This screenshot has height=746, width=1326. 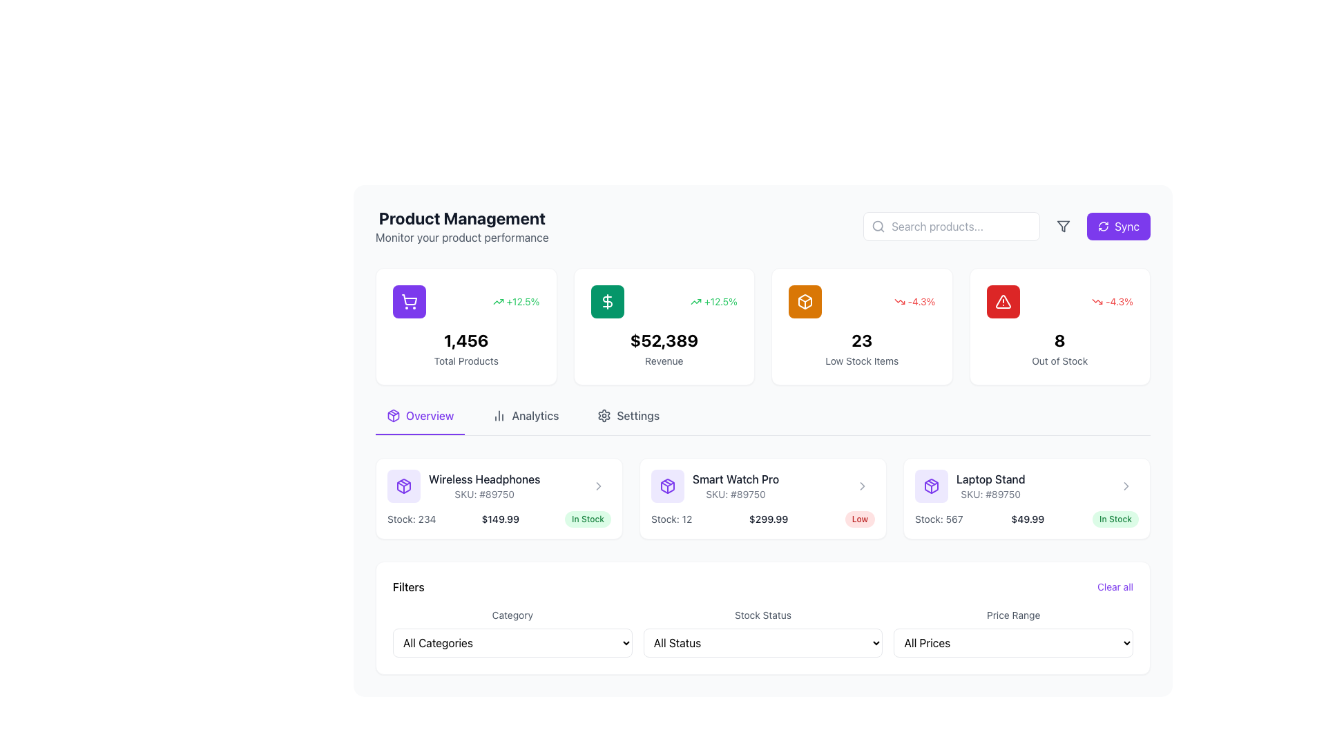 What do you see at coordinates (667, 486) in the screenshot?
I see `the violet-colored, cube-shaped SVG icon located in the third panel of the top row in the dashboard's main section` at bounding box center [667, 486].